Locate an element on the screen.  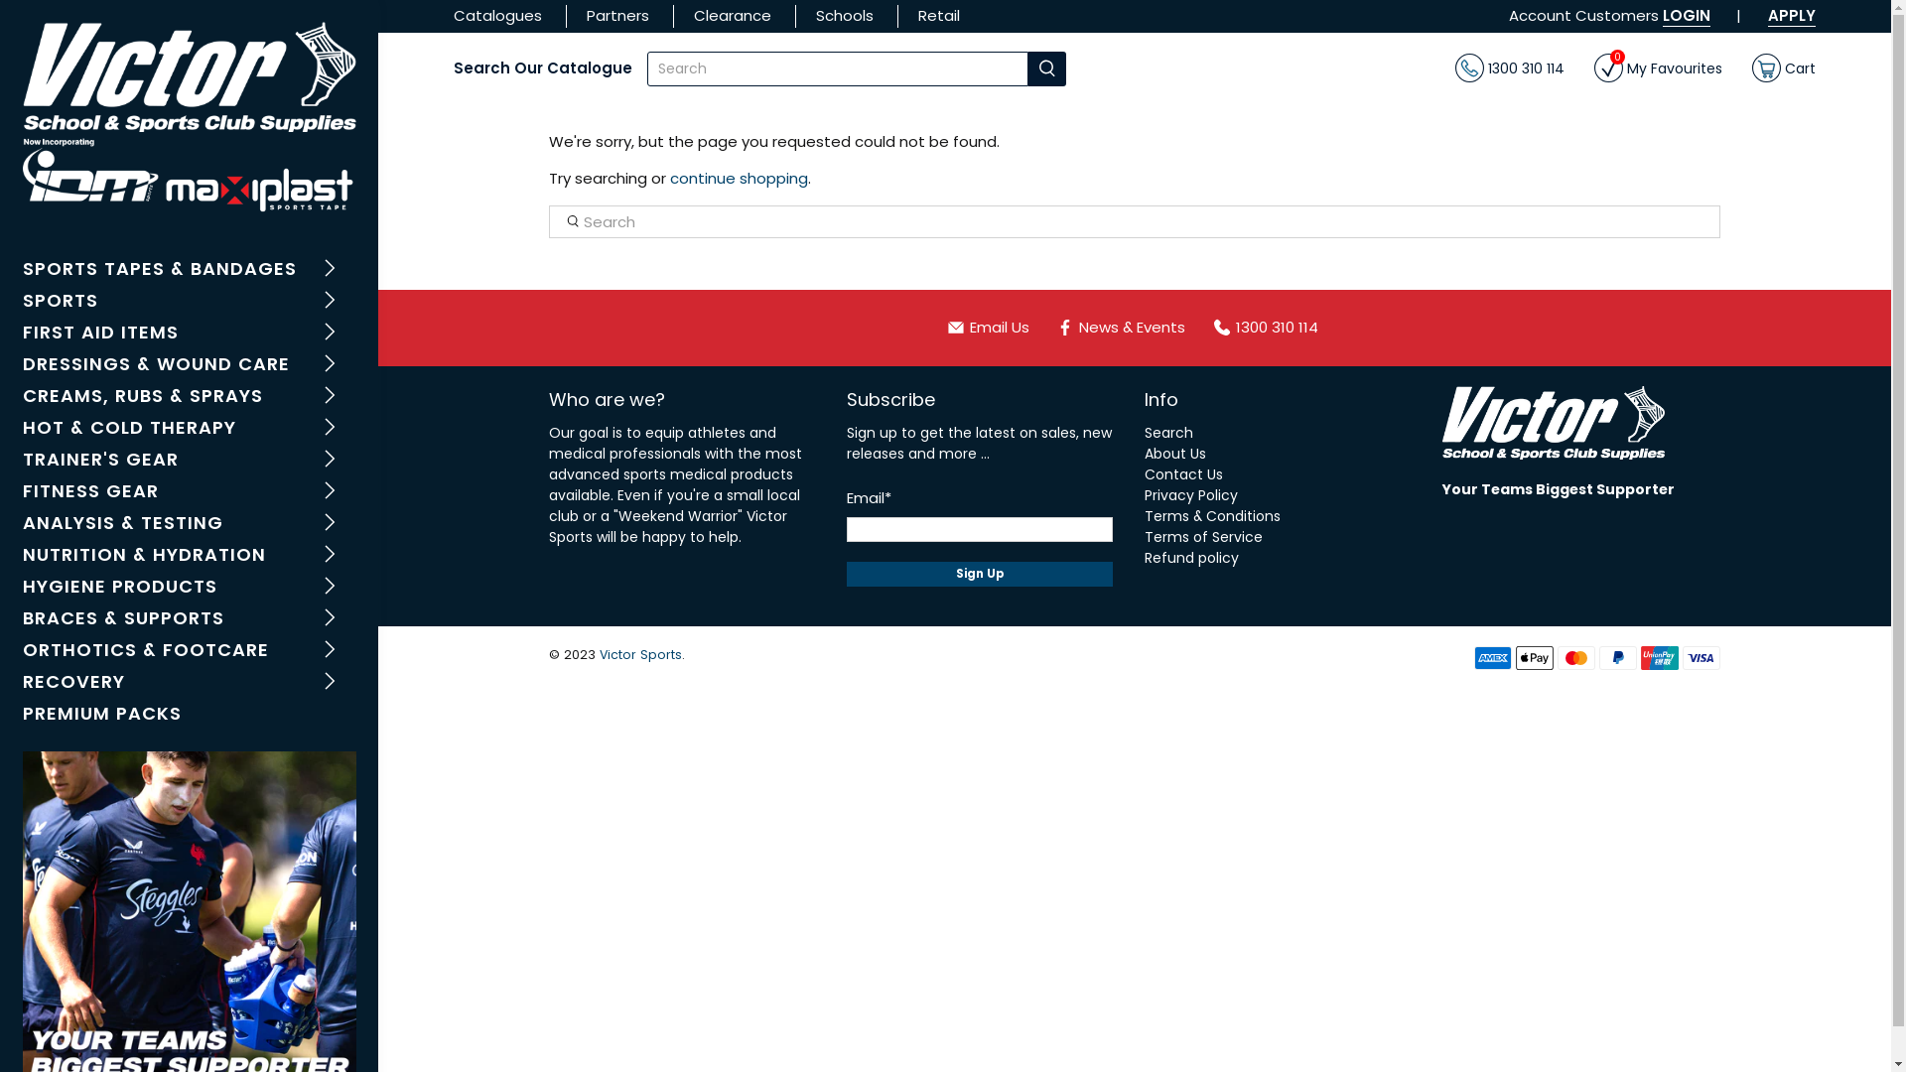
'Victor Sports' is located at coordinates (599, 654).